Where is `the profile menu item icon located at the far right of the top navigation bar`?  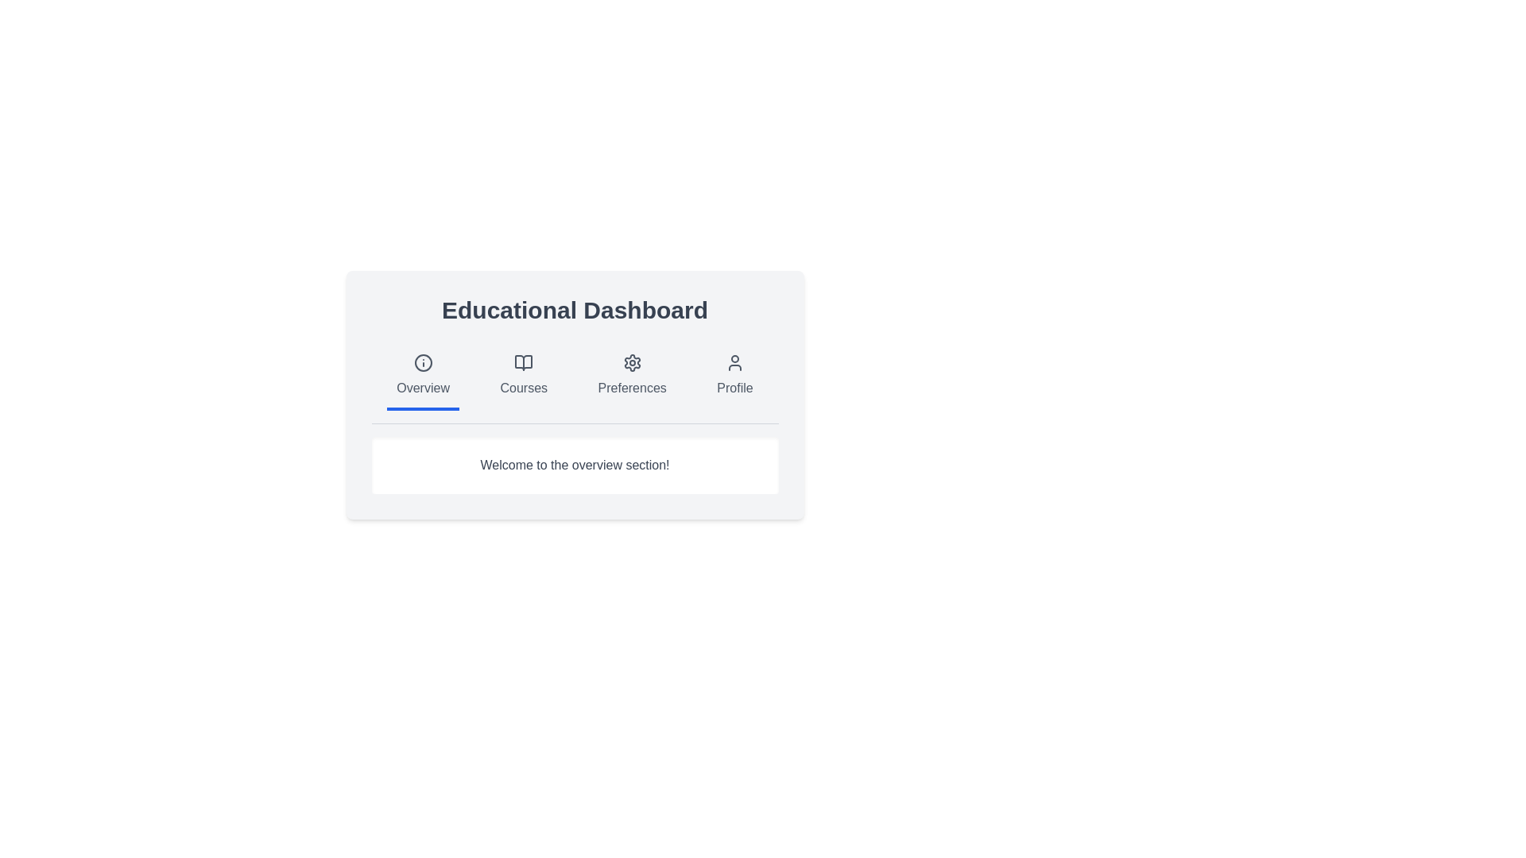 the profile menu item icon located at the far right of the top navigation bar is located at coordinates (734, 362).